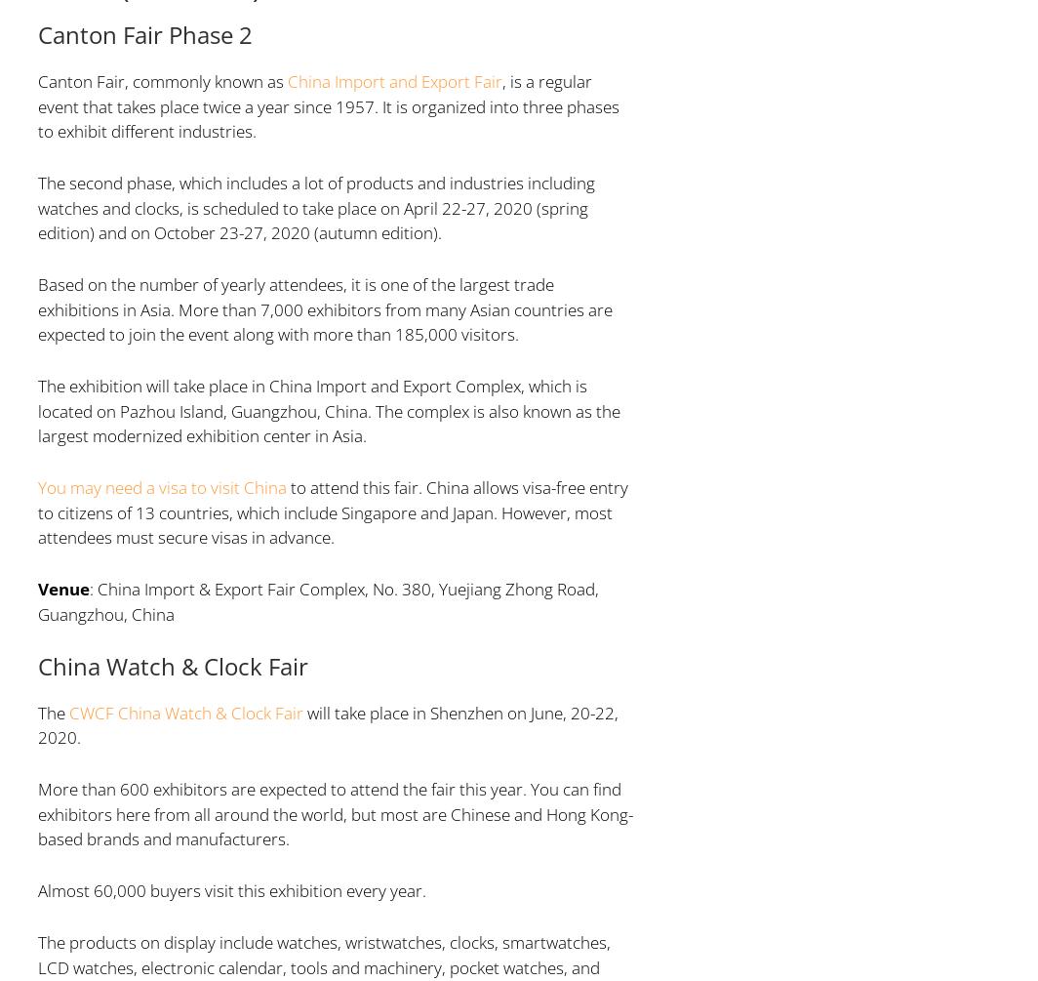 Image resolution: width=1038 pixels, height=981 pixels. Describe the element at coordinates (332, 511) in the screenshot. I see `'to attend this fair. China allows visa-free entry to citizens of 13 countries, which include Singapore and Japan. However, most attendees must secure visas in advance.'` at that location.